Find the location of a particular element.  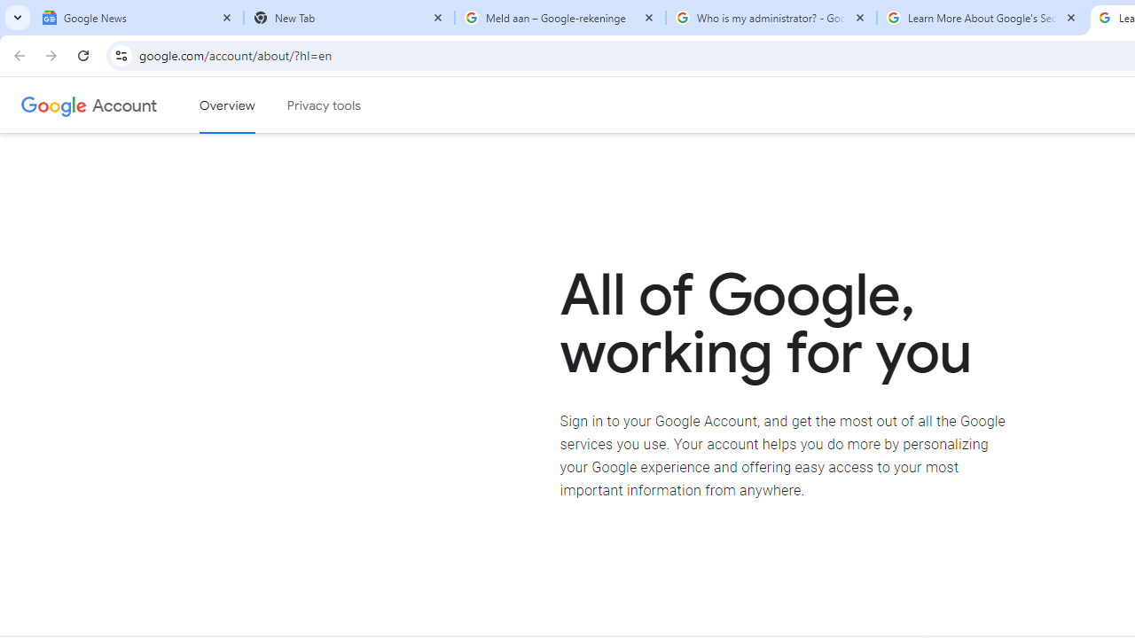

'Google logo' is located at coordinates (54, 105).